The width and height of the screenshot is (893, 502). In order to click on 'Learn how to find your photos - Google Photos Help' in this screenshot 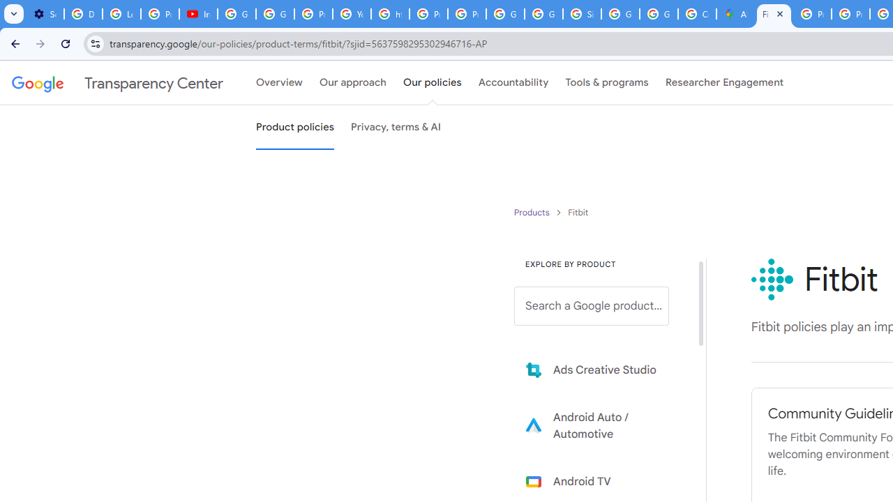, I will do `click(121, 14)`.